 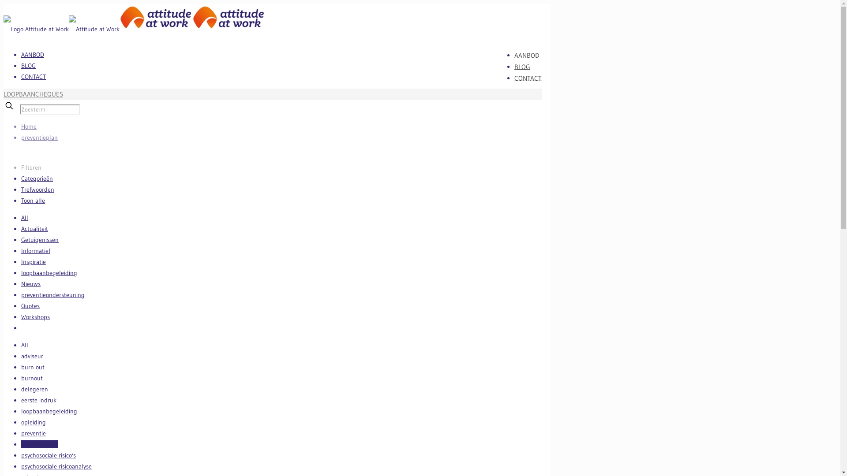 What do you see at coordinates (33, 201) in the screenshot?
I see `'Toon alle'` at bounding box center [33, 201].